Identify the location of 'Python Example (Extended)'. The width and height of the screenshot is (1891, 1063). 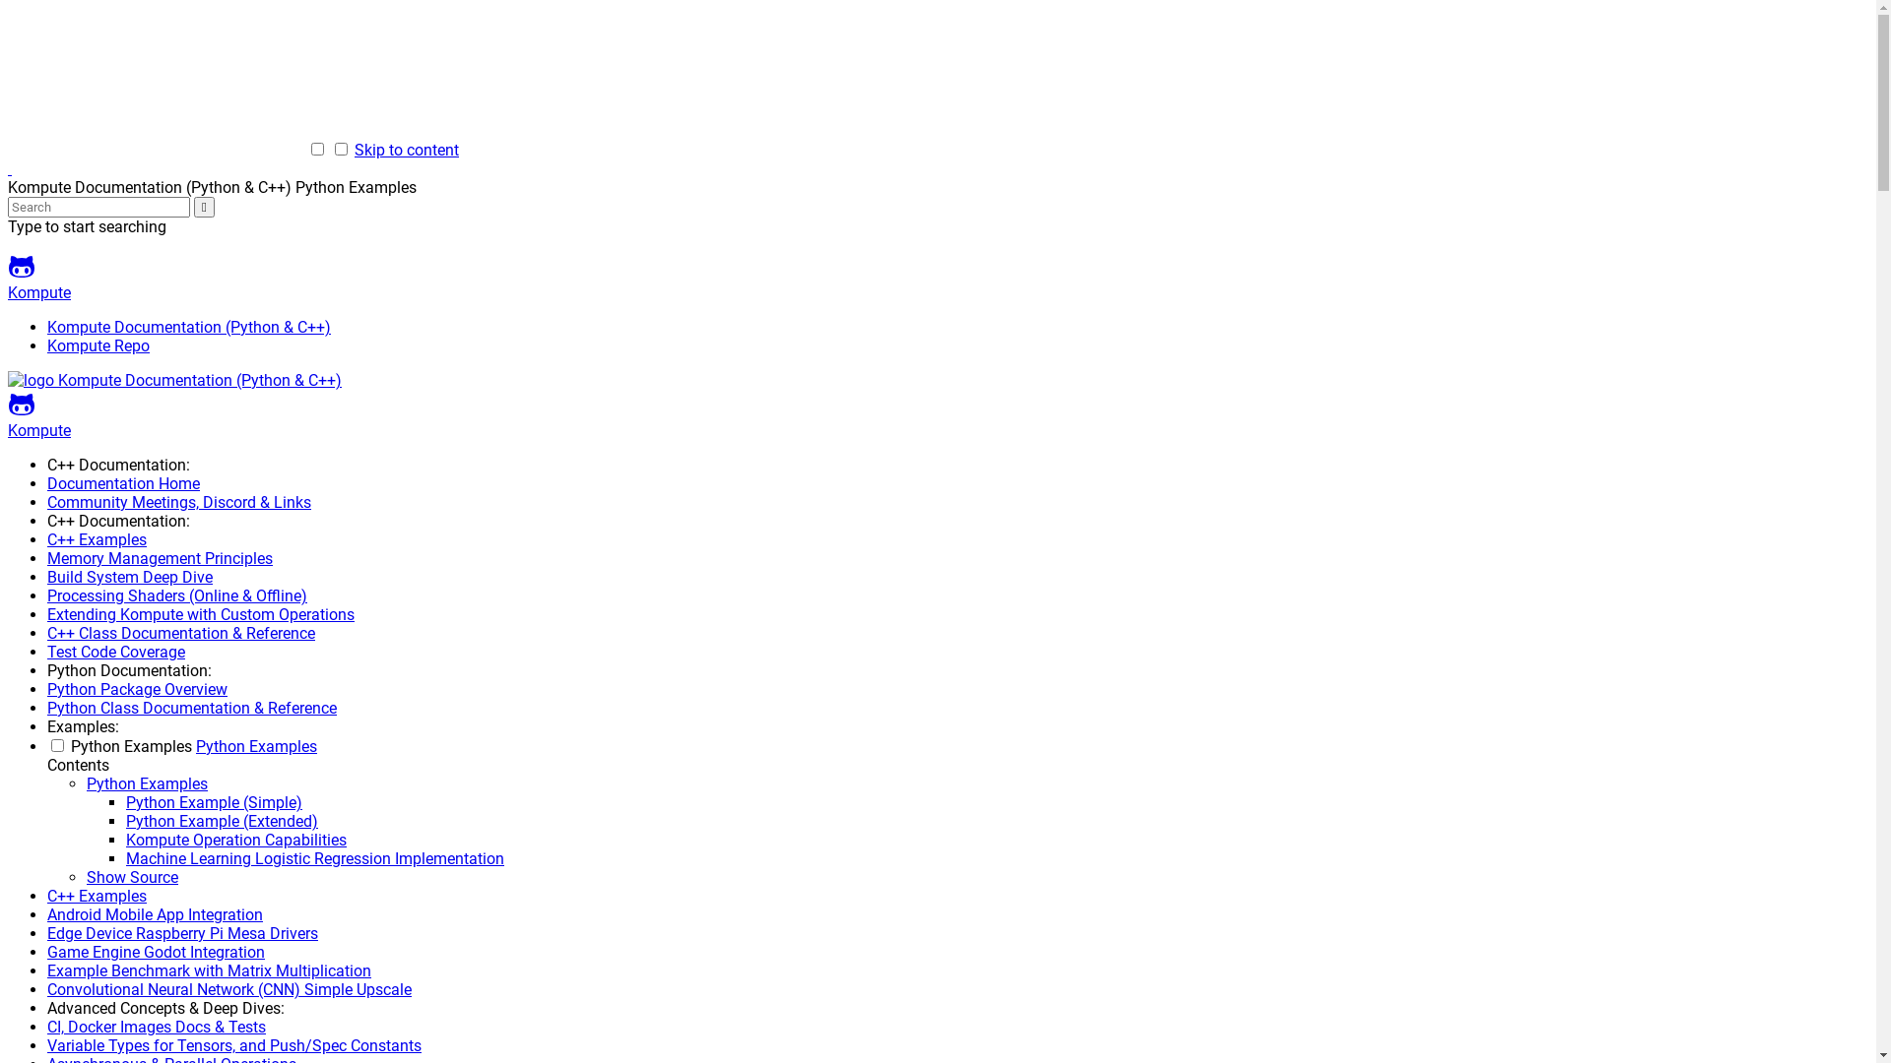
(222, 821).